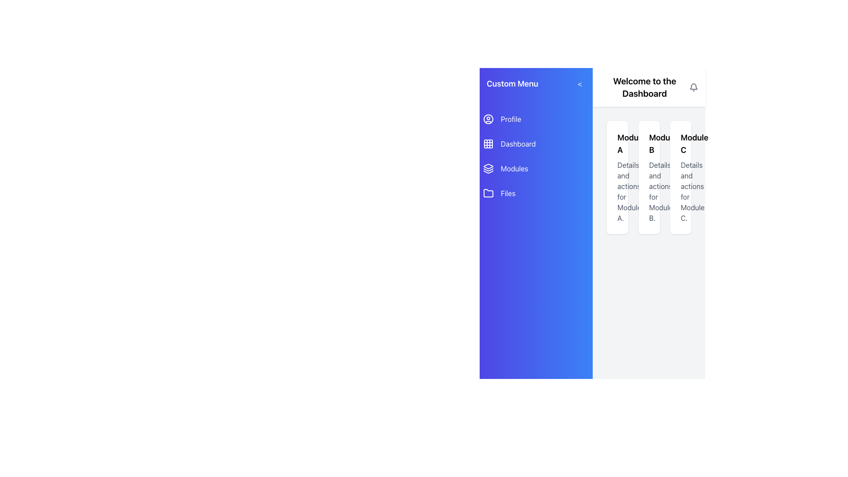 This screenshot has width=848, height=477. Describe the element at coordinates (488, 167) in the screenshot. I see `the 'Modules' icon in the sidebar menu, which is the third icon in the vertical list on the left side of the interface` at that location.